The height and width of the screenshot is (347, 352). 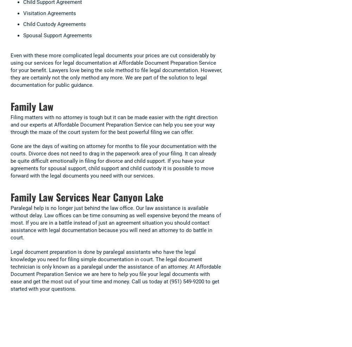 I want to click on 'Legal document preparation is done by paralegal assistants who have the legal knowledge you need for filing simple documentation in court. The legal document technician is only known as a paralegal under the assistance of an attorney. At Affordable Document Preparation Service we are here to help you file your legal documents with ease and get the most out of your time and money. Call us today at (951) 549-9200 to get started with your questions.', so click(x=115, y=270).